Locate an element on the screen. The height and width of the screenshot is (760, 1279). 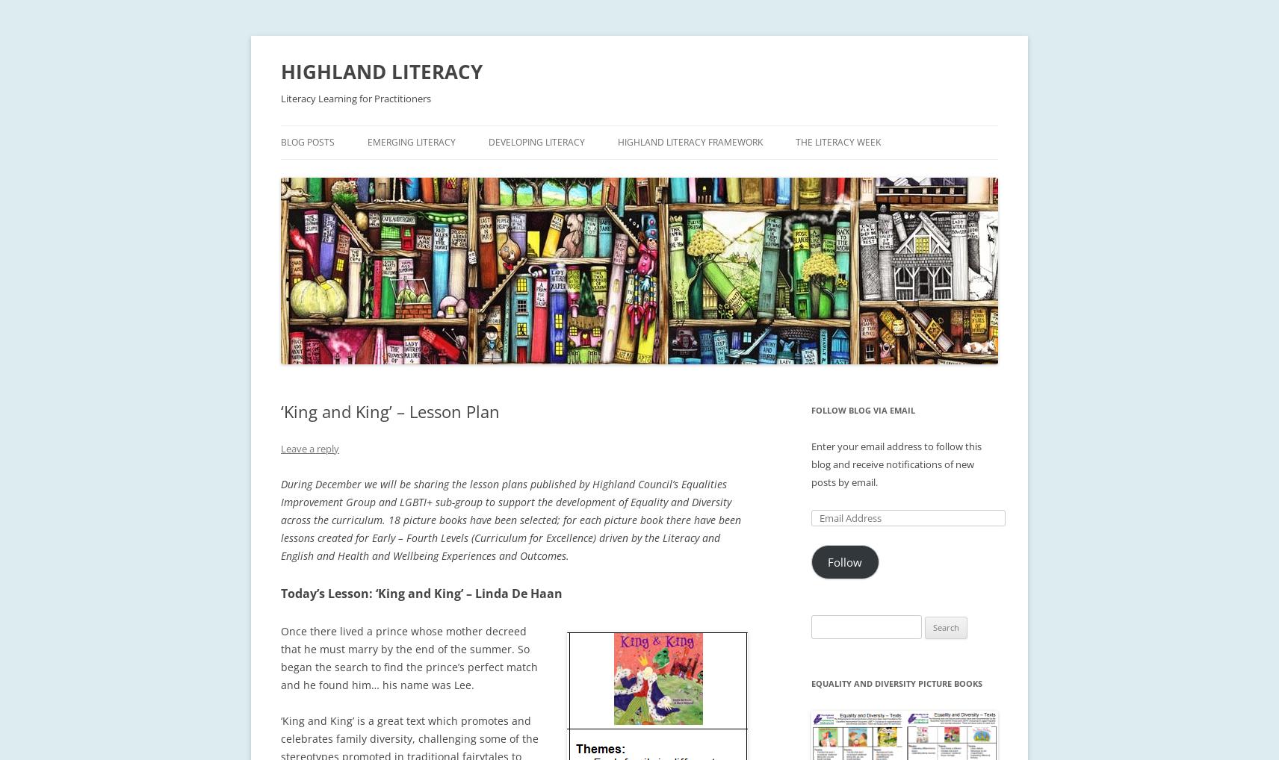
'Enter your email address to follow this blog and receive notifications of new posts by email.' is located at coordinates (896, 463).